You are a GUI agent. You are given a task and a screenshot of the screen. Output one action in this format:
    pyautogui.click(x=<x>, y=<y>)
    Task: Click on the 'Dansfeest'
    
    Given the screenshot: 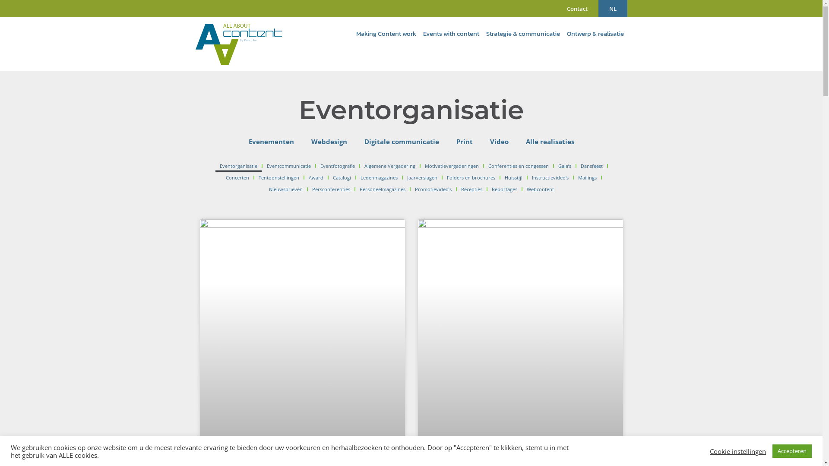 What is the action you would take?
    pyautogui.click(x=576, y=166)
    